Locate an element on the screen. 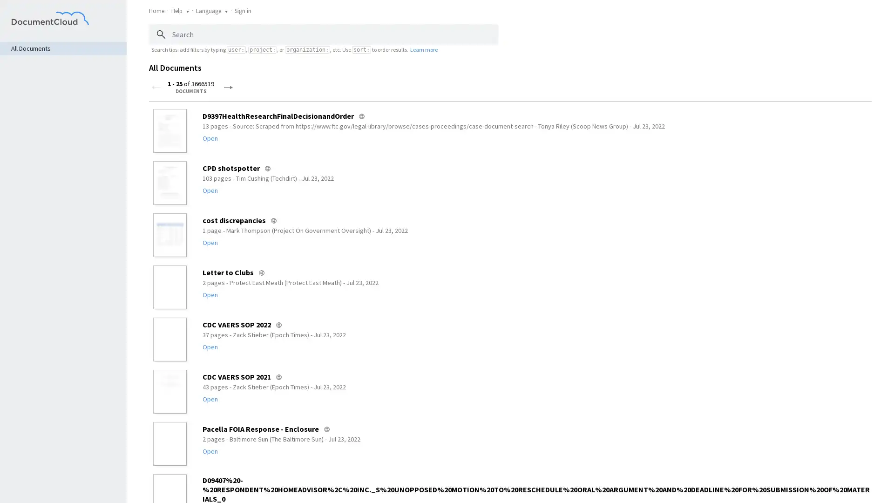  Open is located at coordinates (210, 138).